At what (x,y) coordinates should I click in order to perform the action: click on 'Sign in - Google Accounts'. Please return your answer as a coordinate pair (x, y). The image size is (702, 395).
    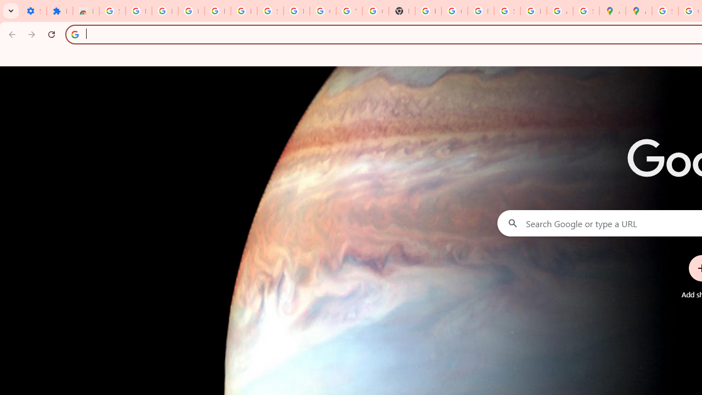
    Looking at the image, I should click on (112, 11).